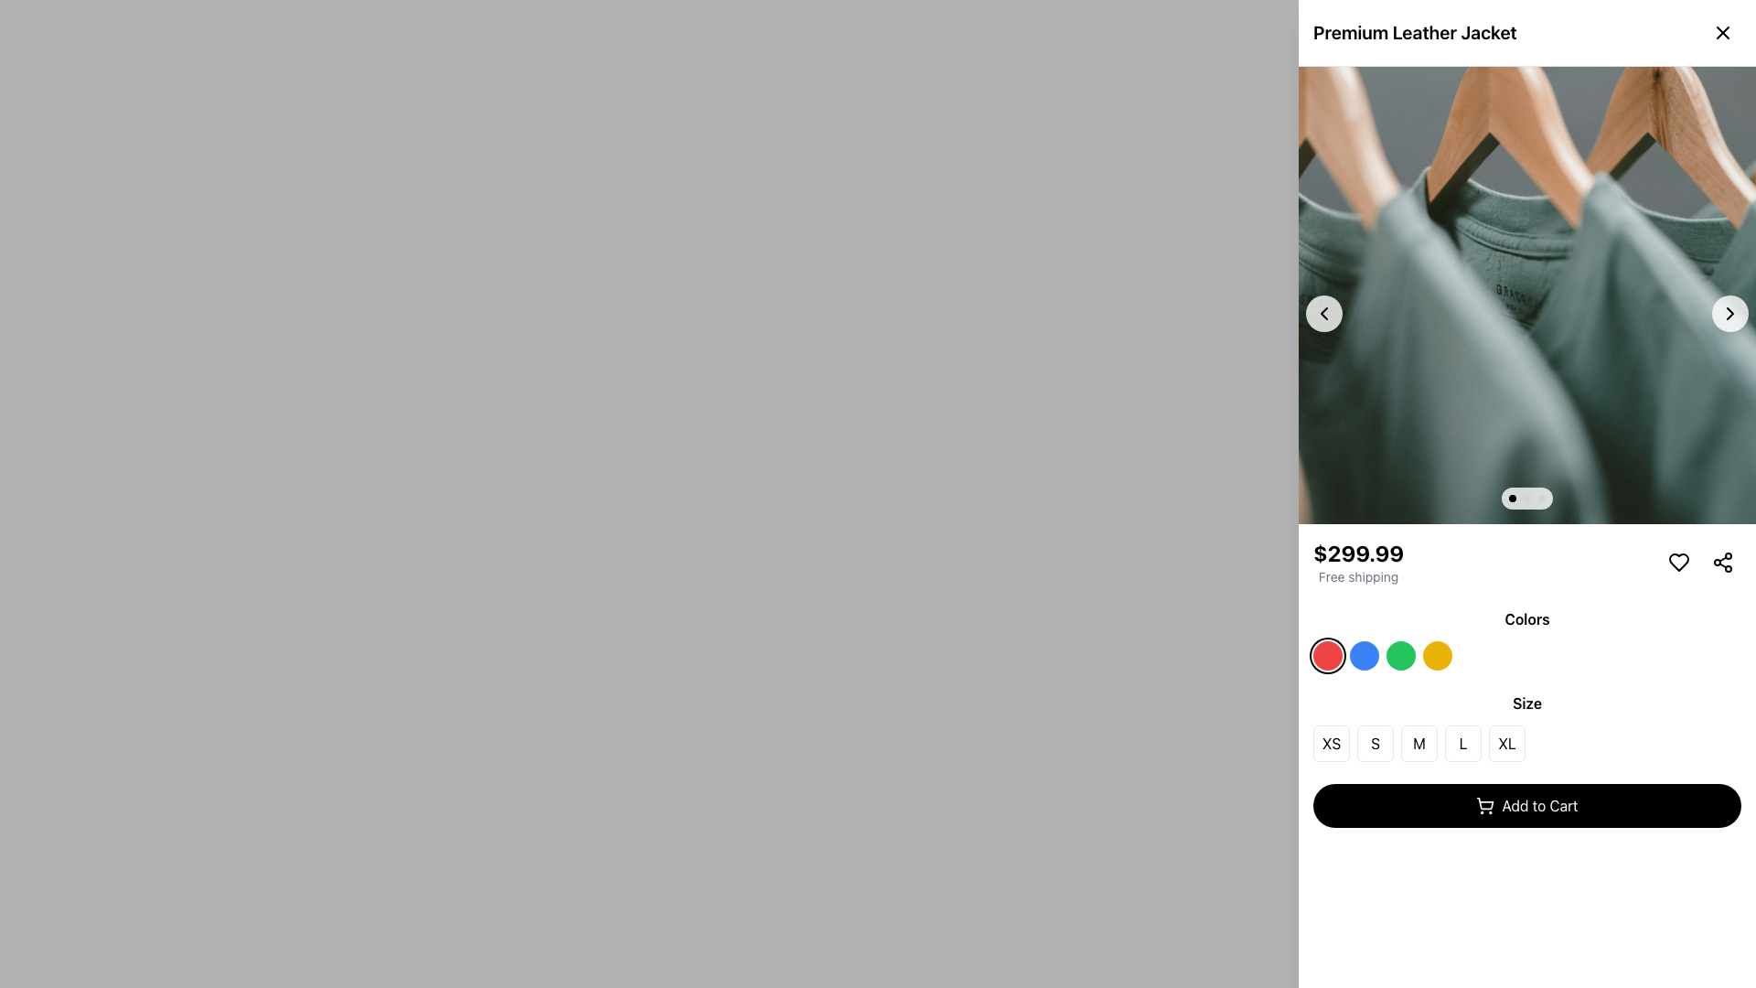 This screenshot has height=988, width=1756. What do you see at coordinates (1729, 313) in the screenshot?
I see `the right-pointing chevron arrow icon, which is styled with a simple outline and likely serves as a navigation control` at bounding box center [1729, 313].